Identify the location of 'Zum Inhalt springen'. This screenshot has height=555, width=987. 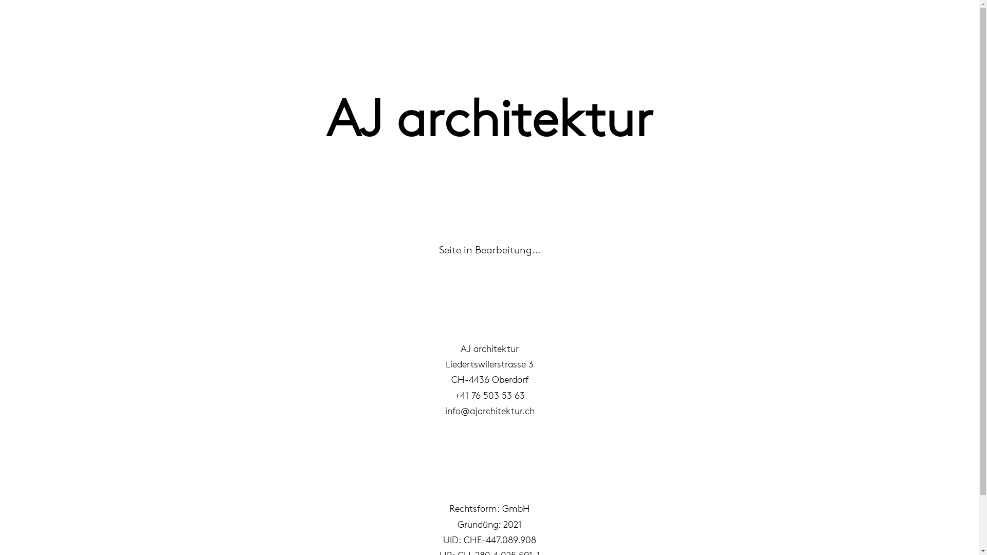
(10, 22).